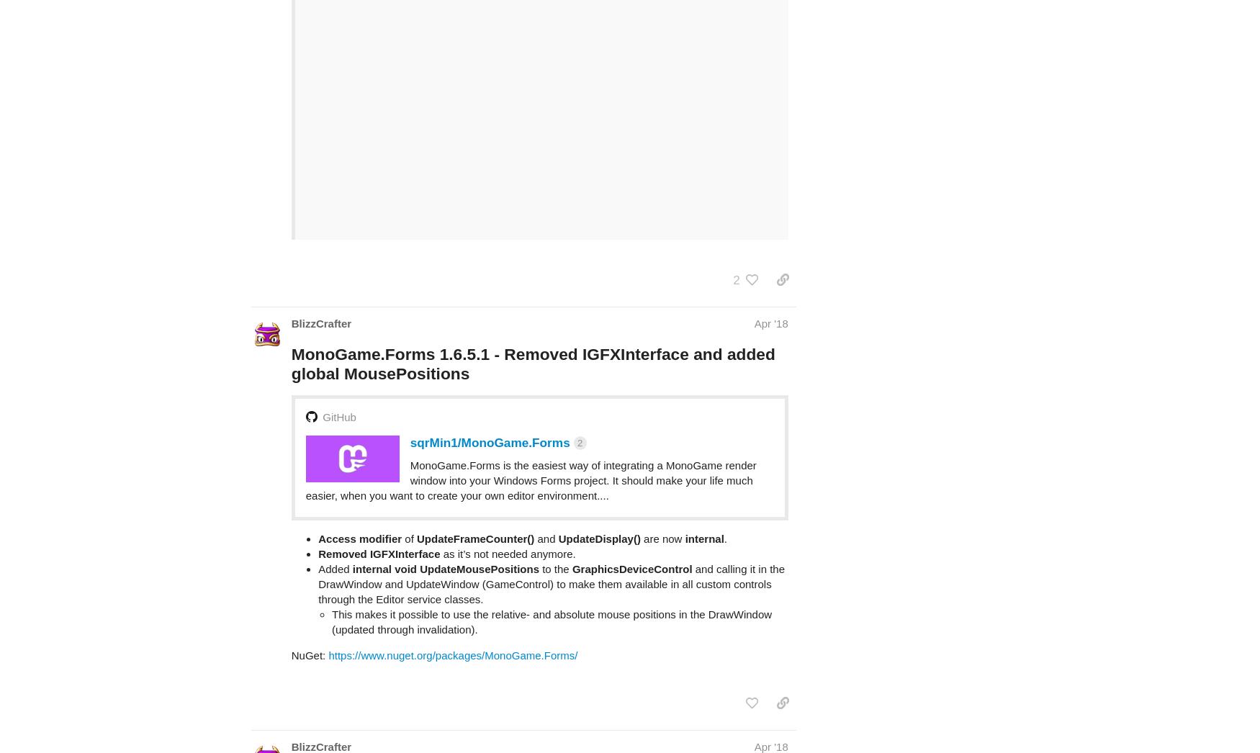  Describe the element at coordinates (308, 598) in the screenshot. I see `'NuGet:'` at that location.